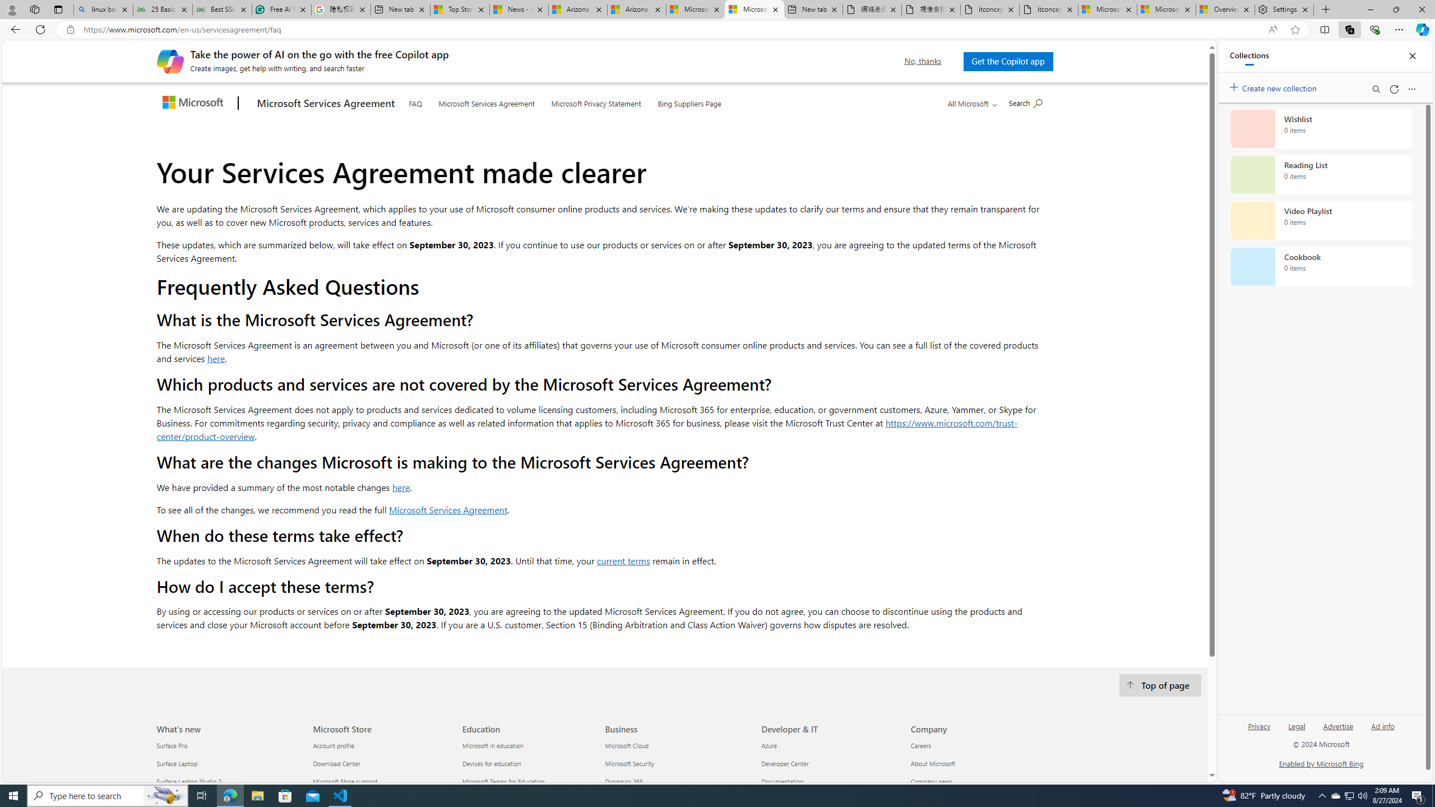 The width and height of the screenshot is (1435, 807). Describe the element at coordinates (228, 782) in the screenshot. I see `'Surface Laptop Studio 2'` at that location.